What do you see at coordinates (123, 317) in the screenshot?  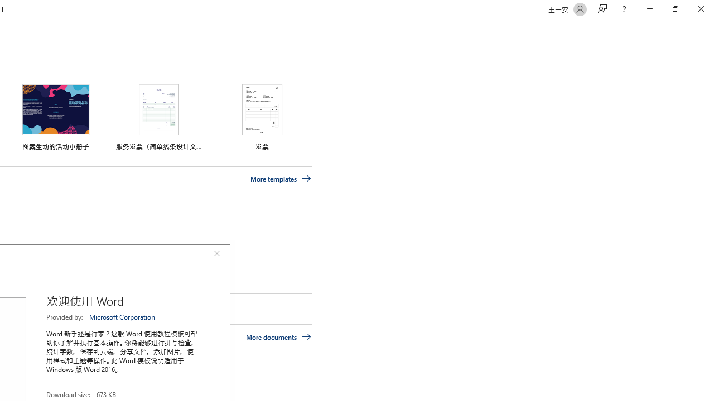 I see `'Microsoft Corporation'` at bounding box center [123, 317].